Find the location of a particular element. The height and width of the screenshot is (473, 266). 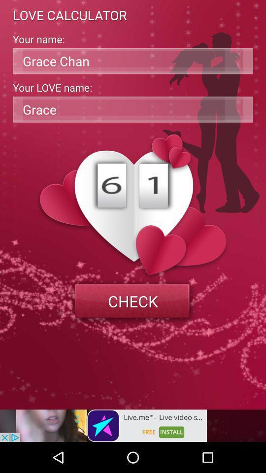

adverts is located at coordinates (103, 425).